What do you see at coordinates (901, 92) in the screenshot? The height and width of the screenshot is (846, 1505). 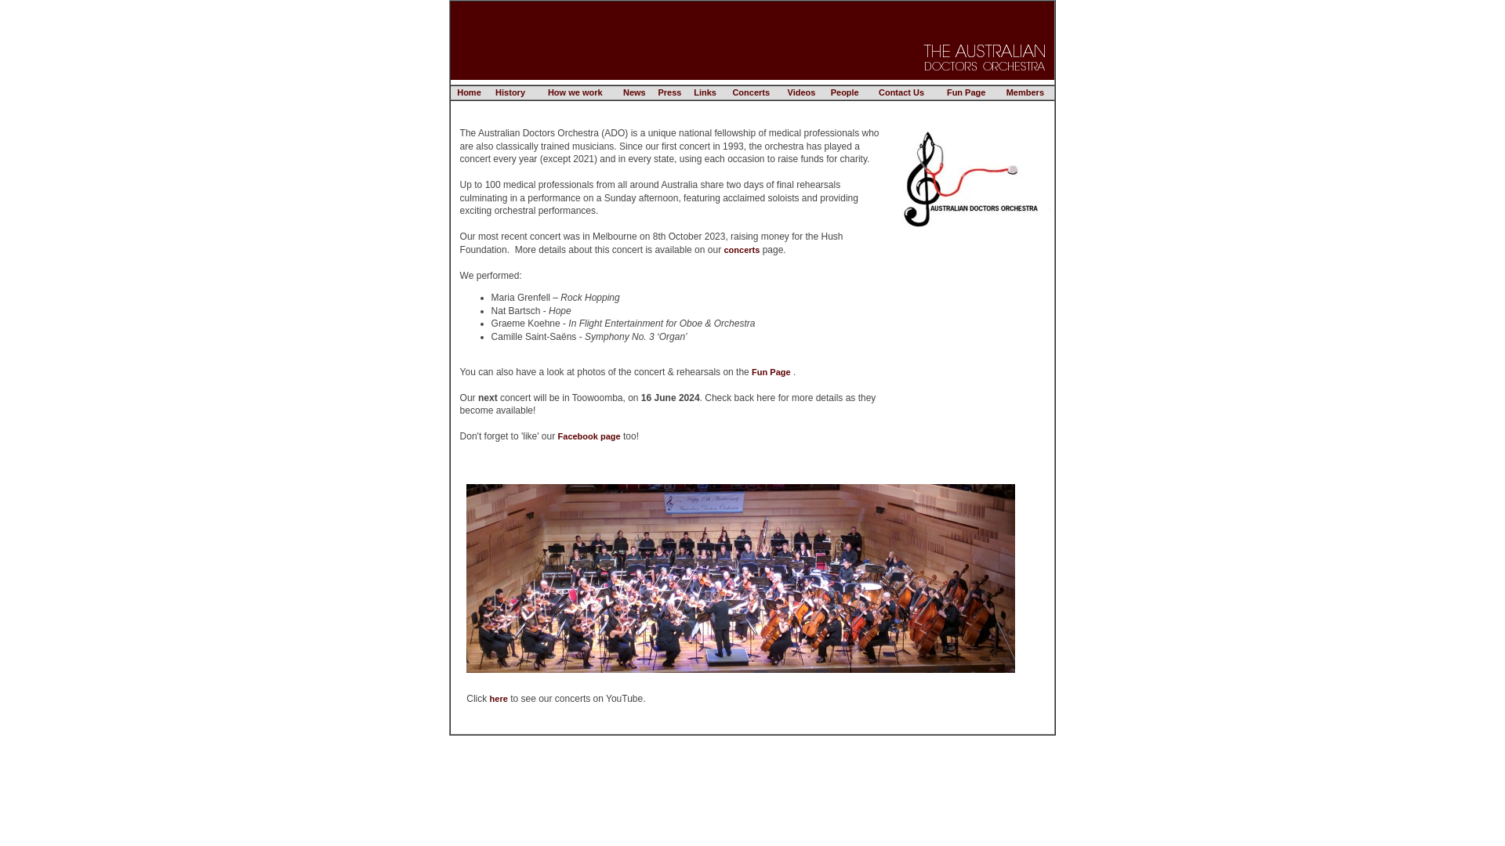 I see `'Contact Us'` at bounding box center [901, 92].